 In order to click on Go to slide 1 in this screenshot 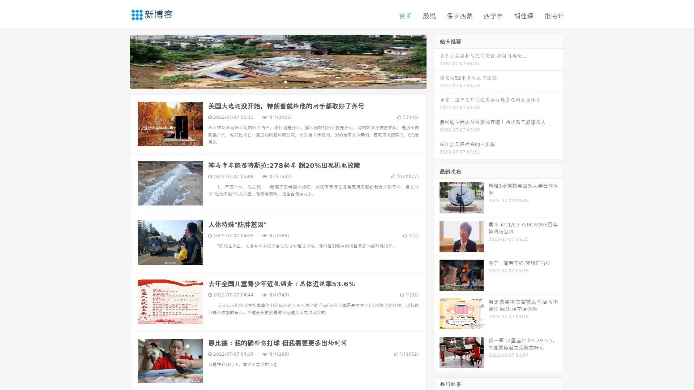, I will do `click(270, 81)`.